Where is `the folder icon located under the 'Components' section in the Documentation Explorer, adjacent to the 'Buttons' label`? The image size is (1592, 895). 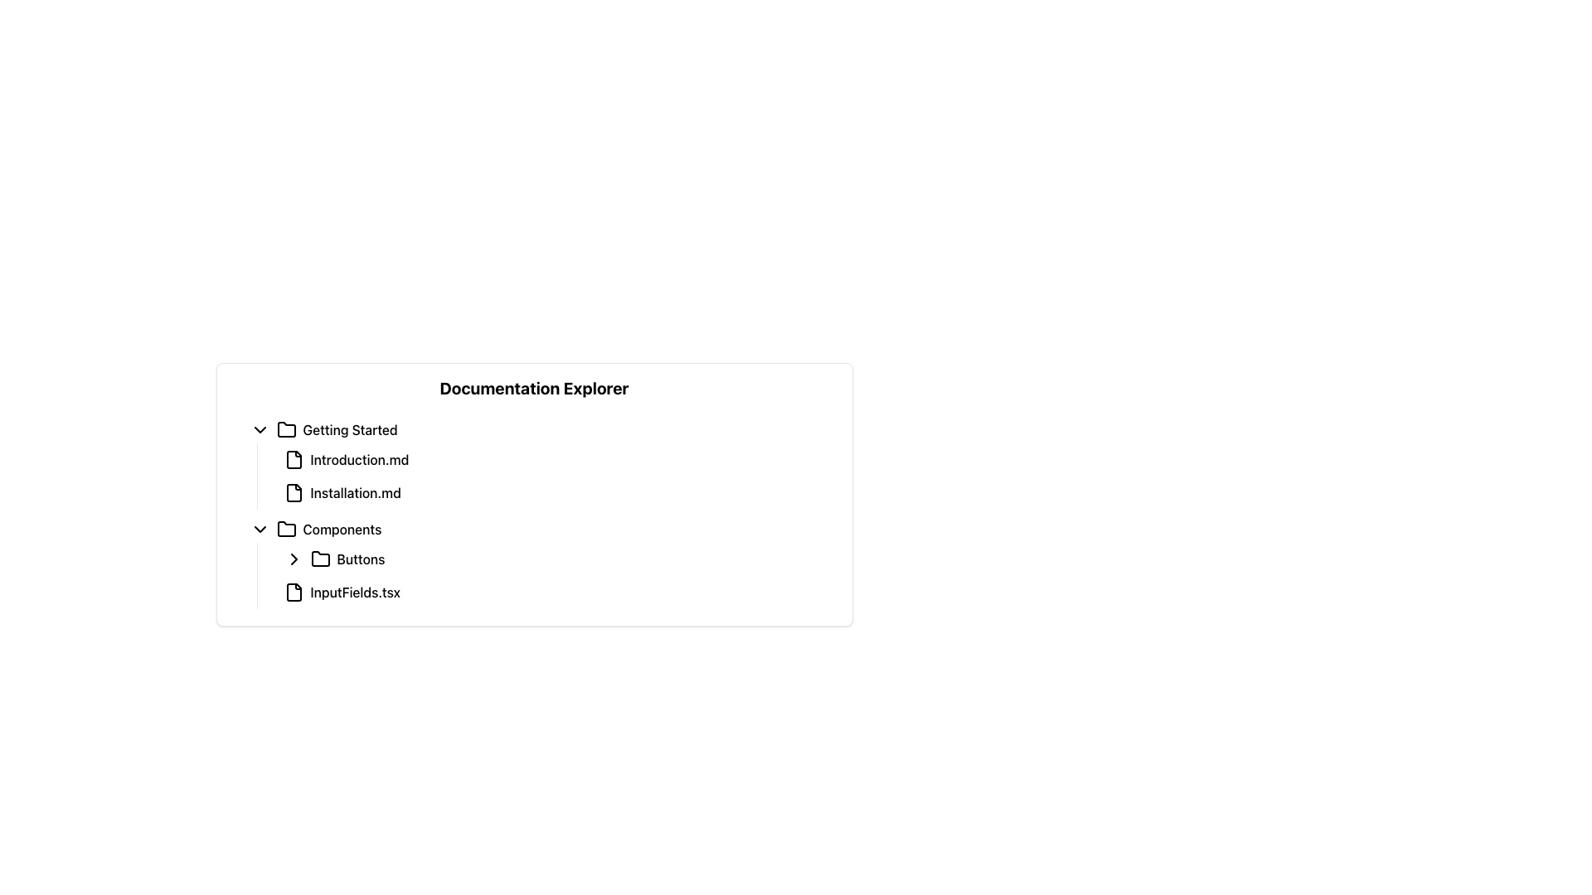
the folder icon located under the 'Components' section in the Documentation Explorer, adjacent to the 'Buttons' label is located at coordinates (320, 559).